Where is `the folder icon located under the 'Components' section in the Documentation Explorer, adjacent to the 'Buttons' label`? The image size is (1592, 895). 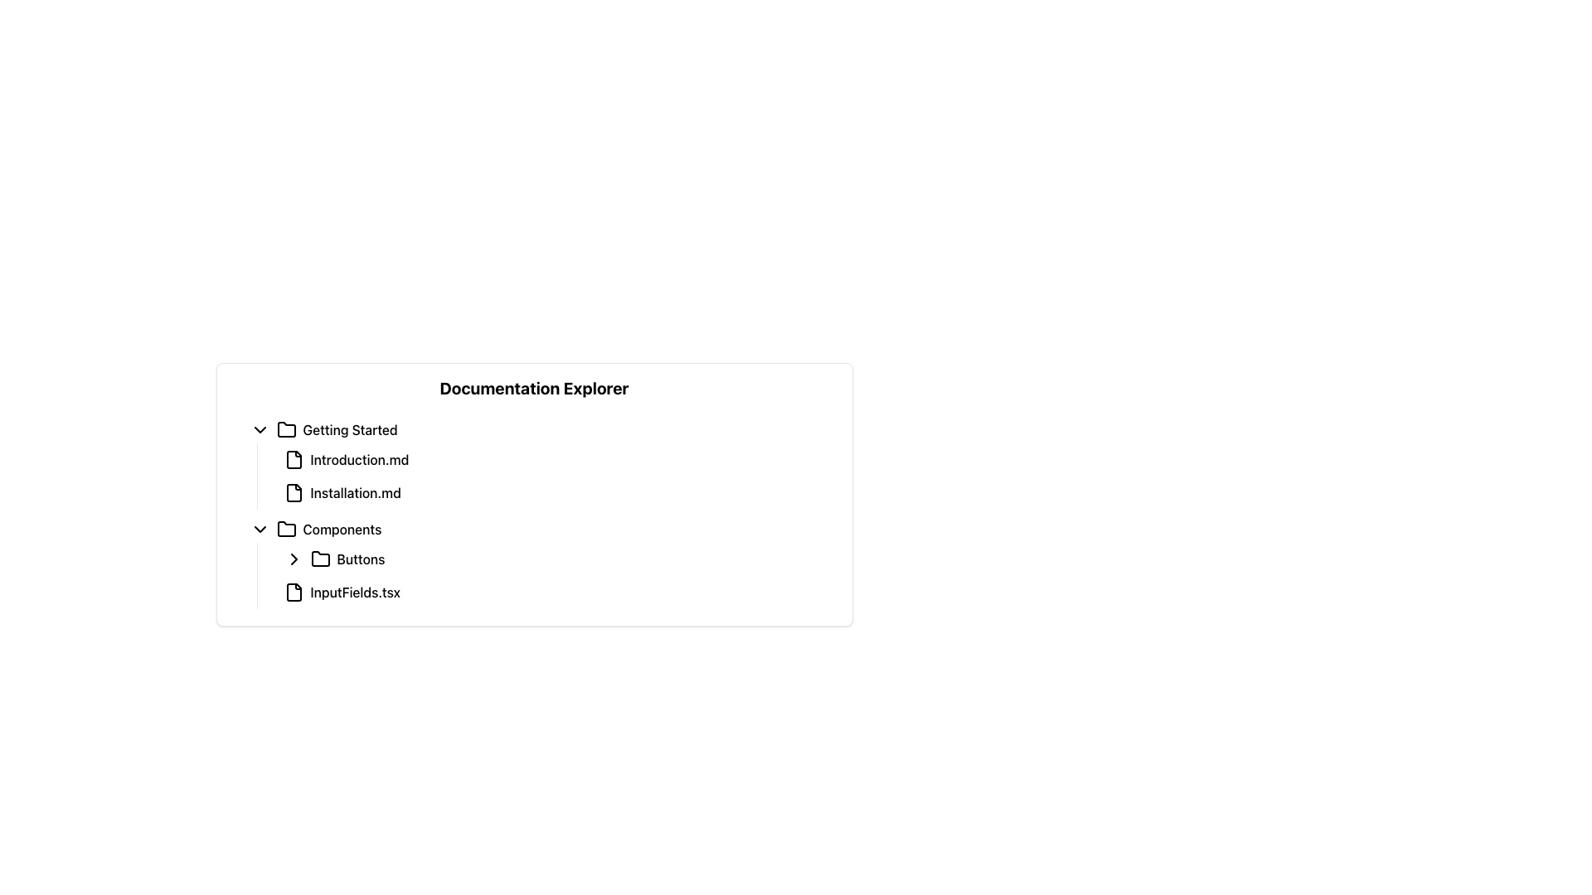
the folder icon located under the 'Components' section in the Documentation Explorer, adjacent to the 'Buttons' label is located at coordinates (320, 559).